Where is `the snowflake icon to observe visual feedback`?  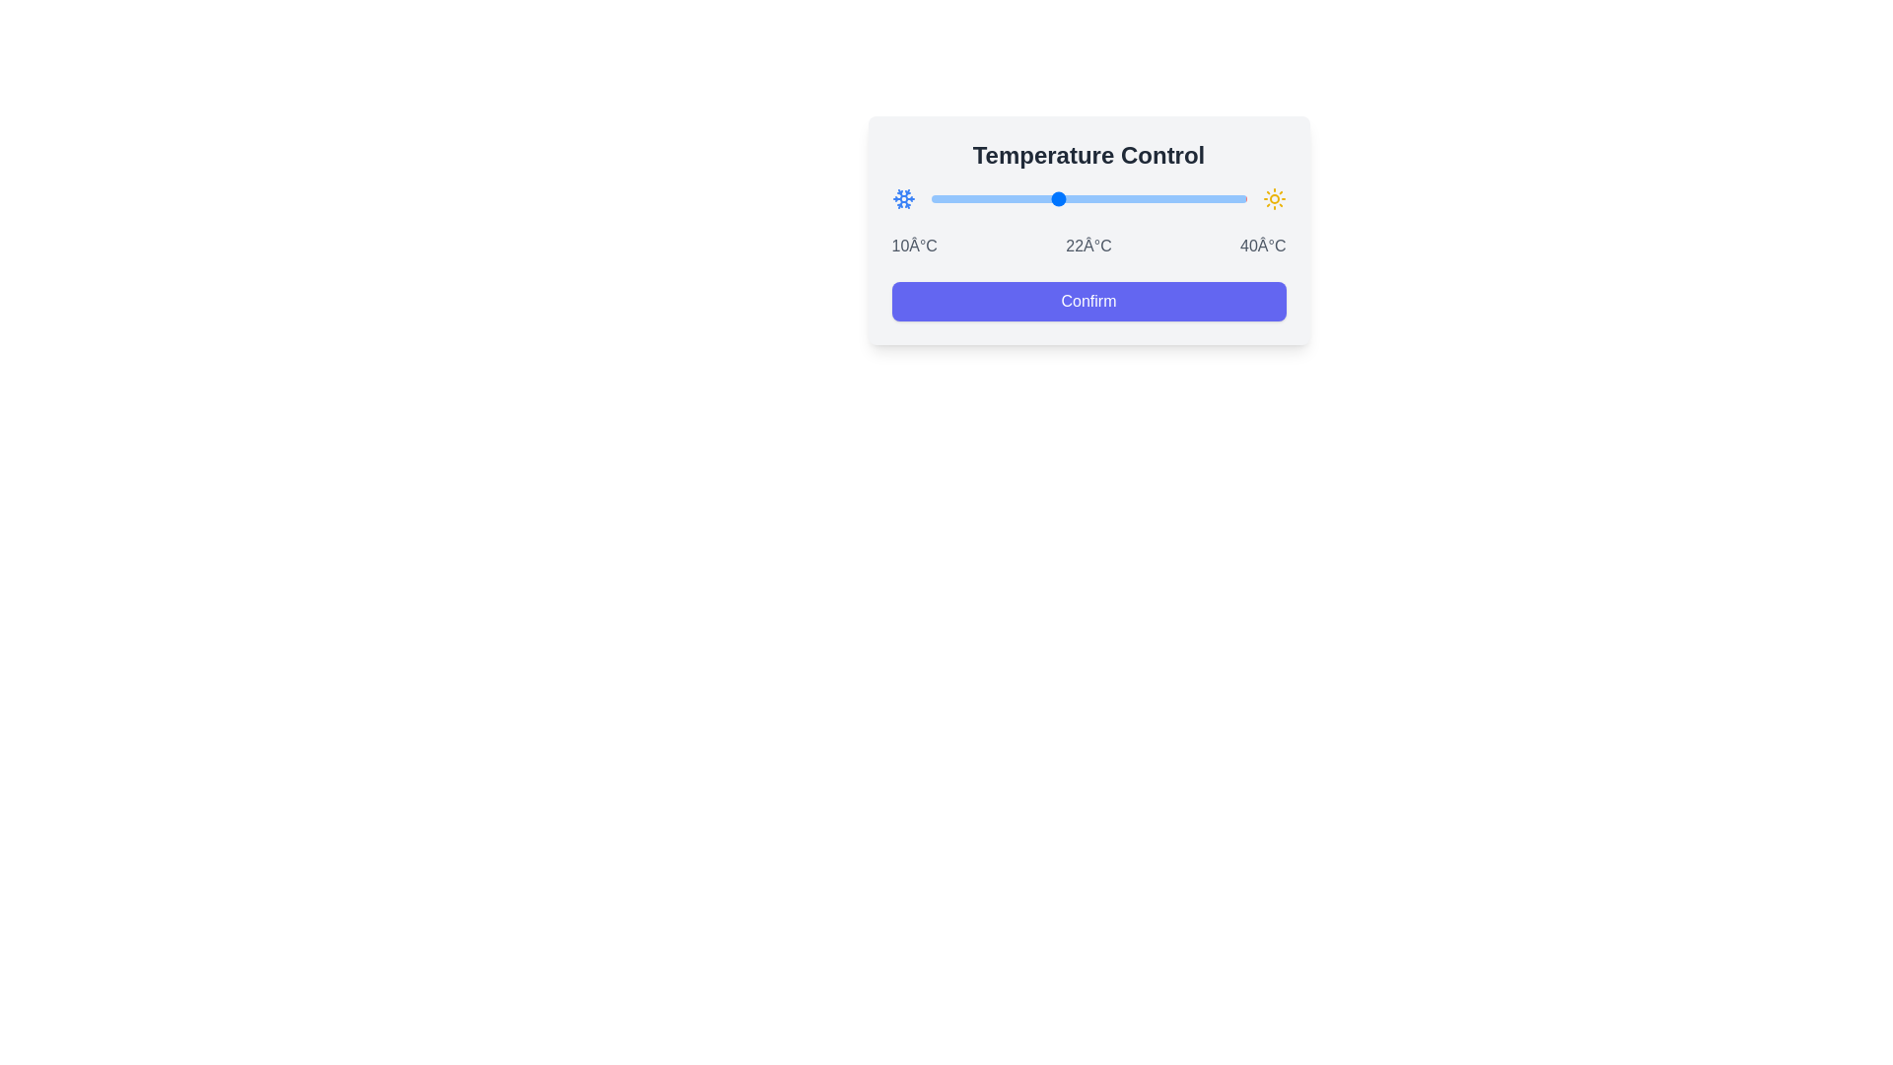
the snowflake icon to observe visual feedback is located at coordinates (902, 198).